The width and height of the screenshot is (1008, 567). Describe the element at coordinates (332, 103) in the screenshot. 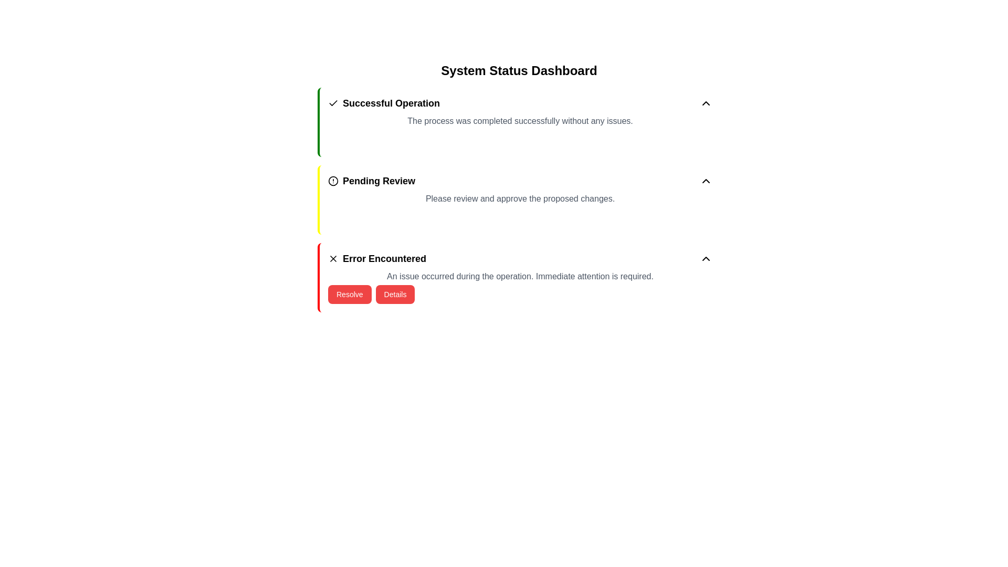

I see `the checkmark icon indicating successful completion of an operation in the System Status Dashboard interface, which is located to the left of the 'Successful Operation' text` at that location.